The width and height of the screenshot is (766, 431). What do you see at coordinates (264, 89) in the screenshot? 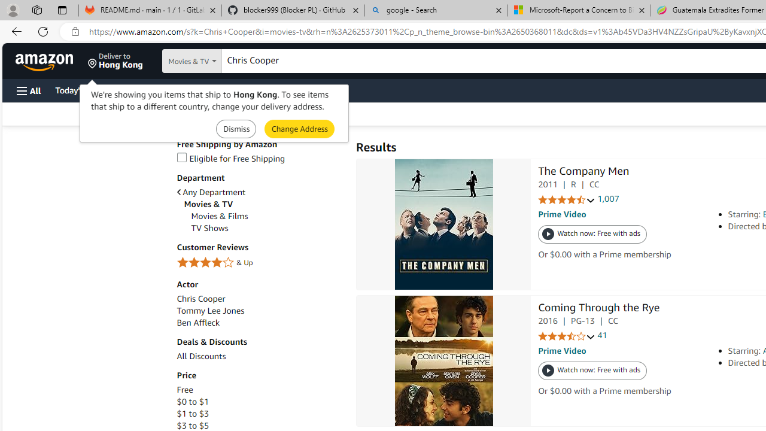
I see `'Gift Cards'` at bounding box center [264, 89].